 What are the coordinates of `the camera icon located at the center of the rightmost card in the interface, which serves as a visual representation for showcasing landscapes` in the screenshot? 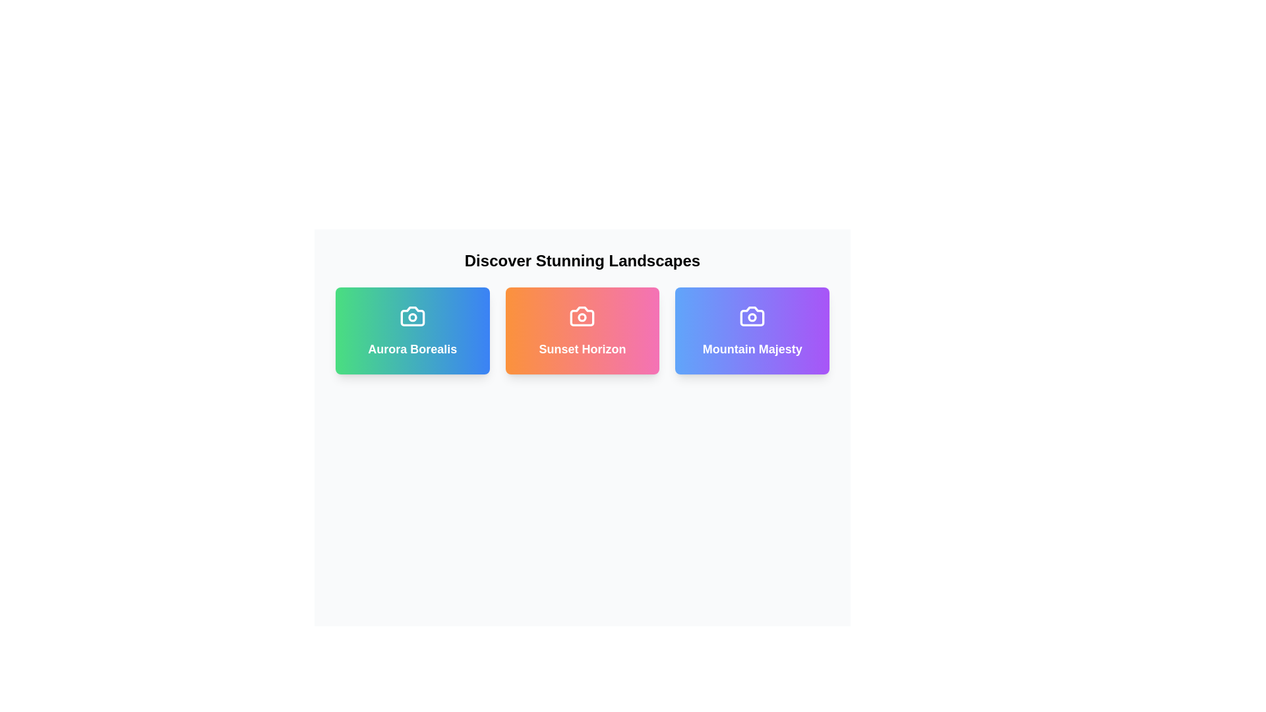 It's located at (752, 316).